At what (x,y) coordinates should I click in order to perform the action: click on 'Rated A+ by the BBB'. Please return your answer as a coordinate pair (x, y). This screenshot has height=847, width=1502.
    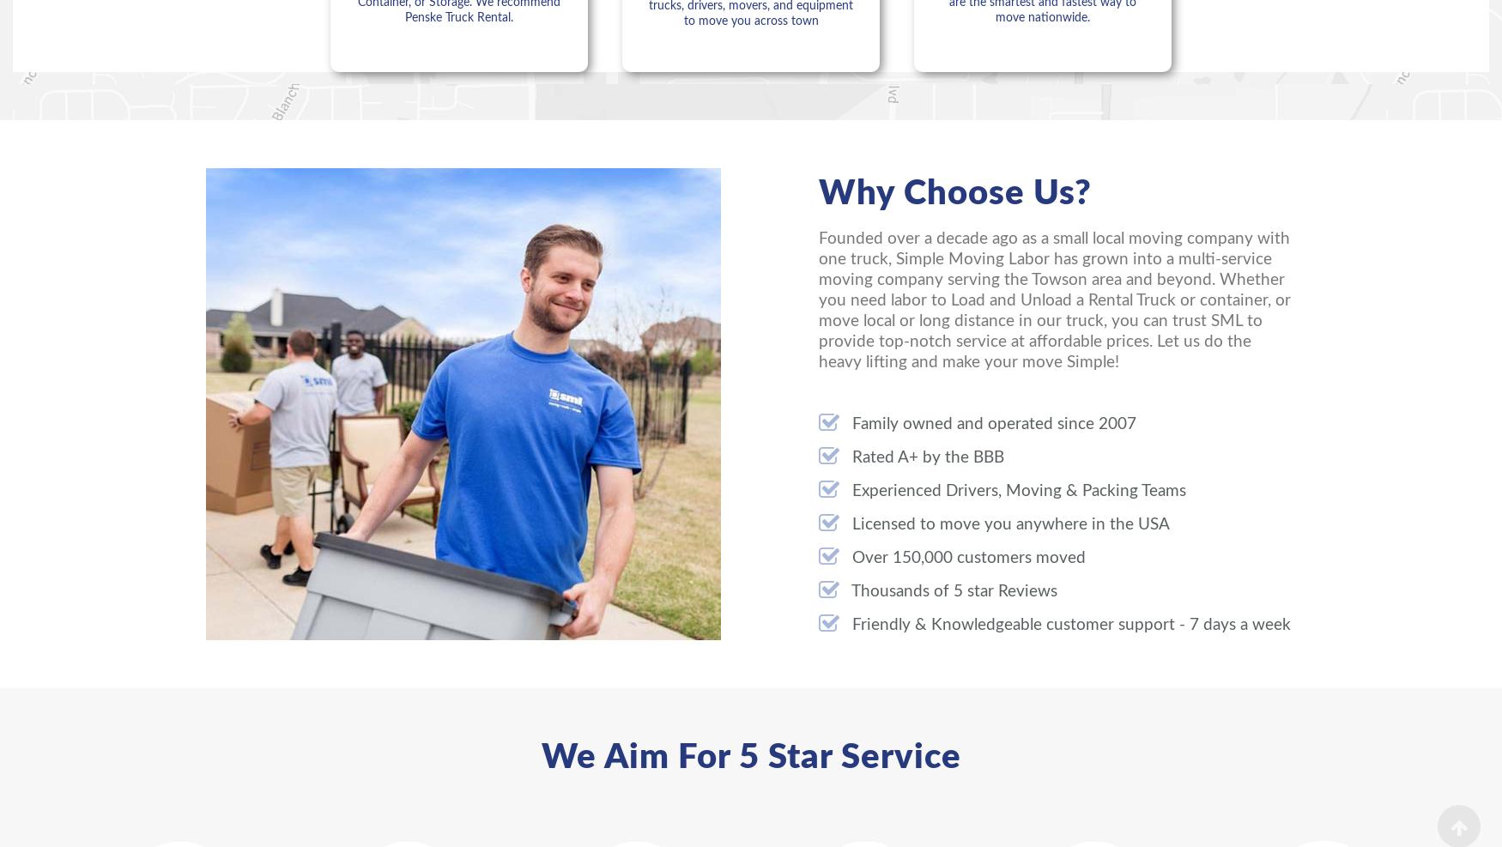
    Looking at the image, I should click on (926, 457).